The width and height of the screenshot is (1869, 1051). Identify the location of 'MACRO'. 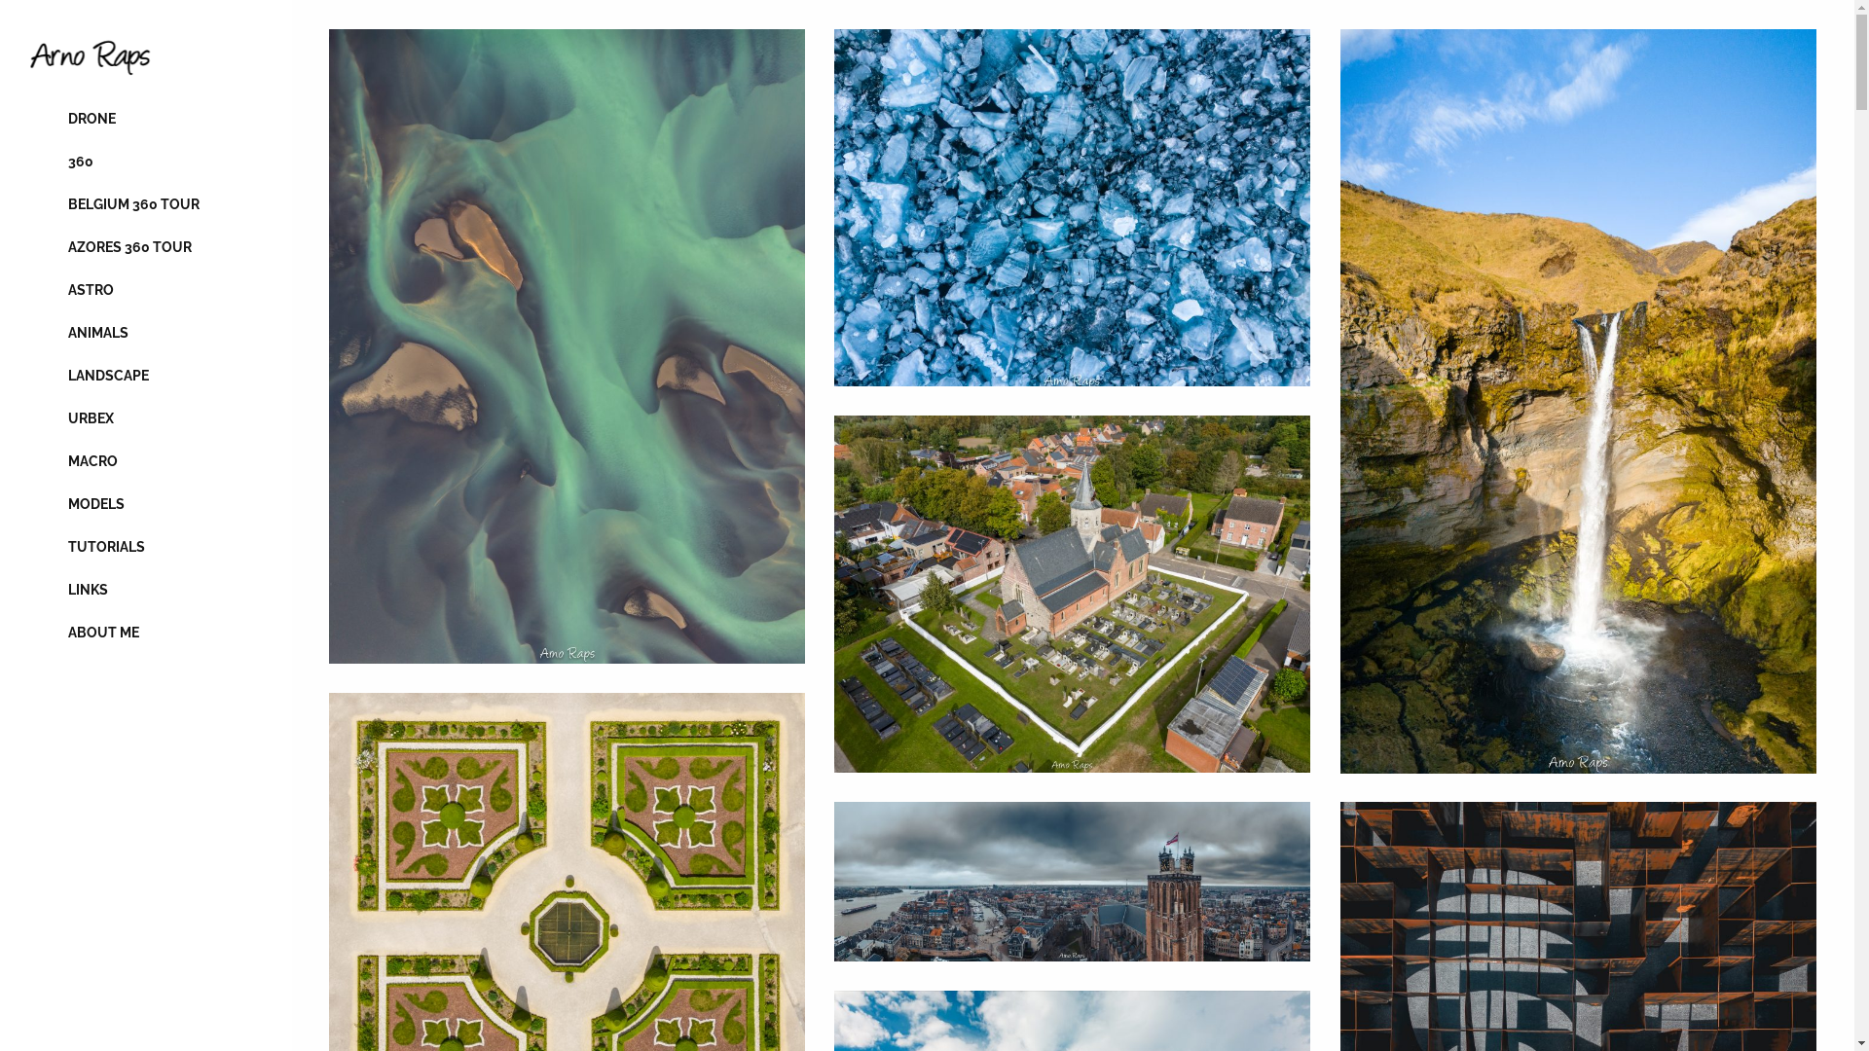
(144, 461).